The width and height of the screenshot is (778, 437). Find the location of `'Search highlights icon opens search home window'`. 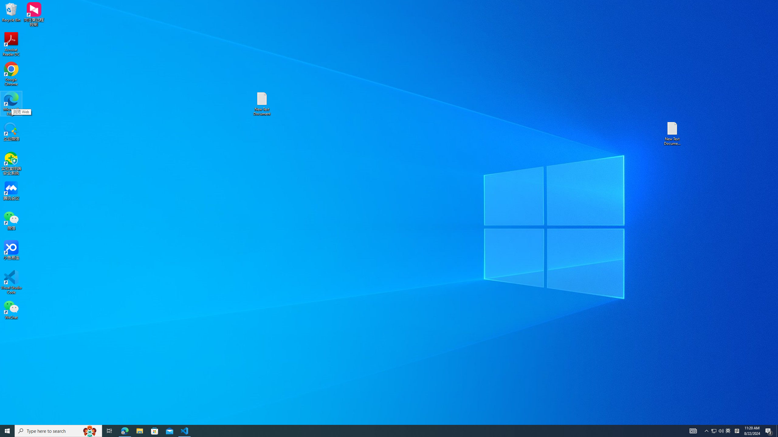

'Search highlights icon opens search home window' is located at coordinates (124, 430).